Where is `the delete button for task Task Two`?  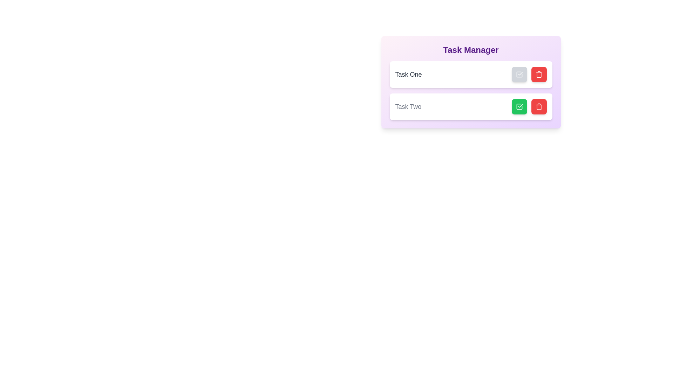 the delete button for task Task Two is located at coordinates (538, 106).